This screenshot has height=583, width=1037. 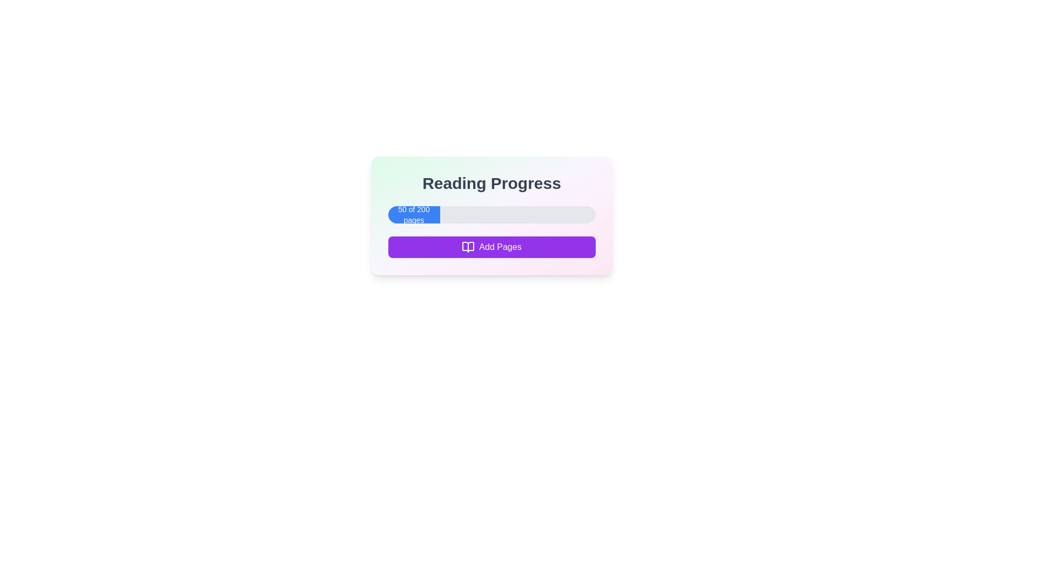 What do you see at coordinates (491, 214) in the screenshot?
I see `the progress bar that visually represents reading progress, located below the 'Reading Progress' title and above the 'Add Pages' button` at bounding box center [491, 214].